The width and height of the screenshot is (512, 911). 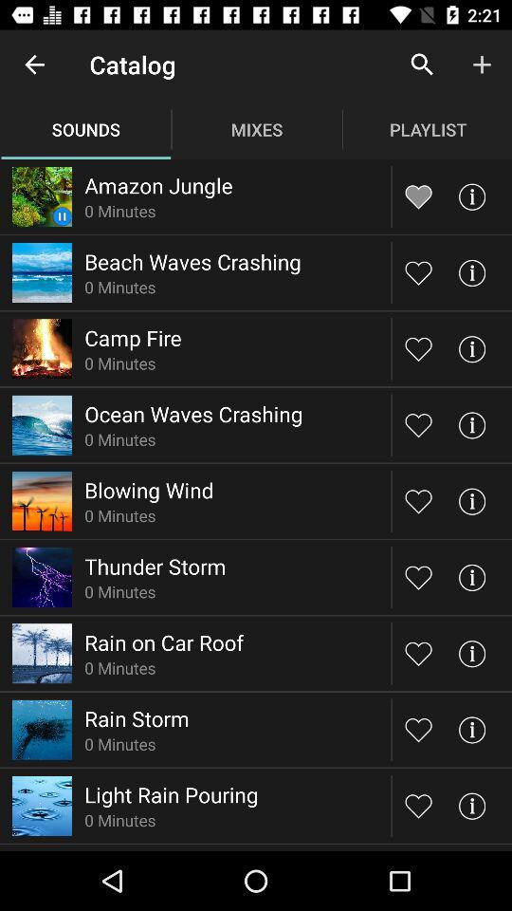 I want to click on track light rain pouring, so click(x=418, y=805).